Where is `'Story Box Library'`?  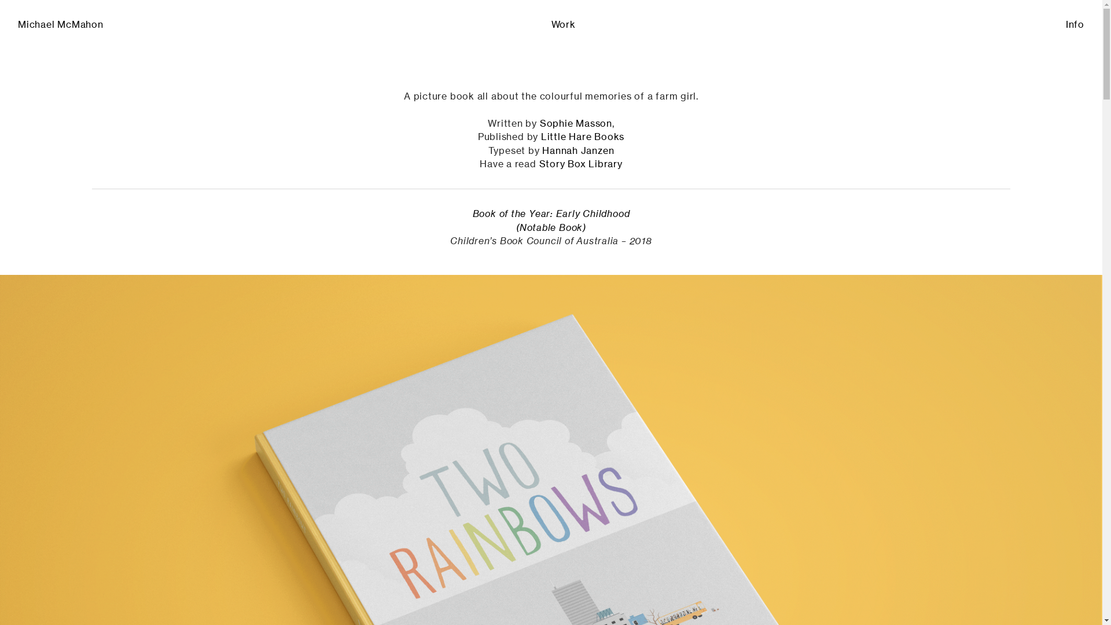 'Story Box Library' is located at coordinates (538, 164).